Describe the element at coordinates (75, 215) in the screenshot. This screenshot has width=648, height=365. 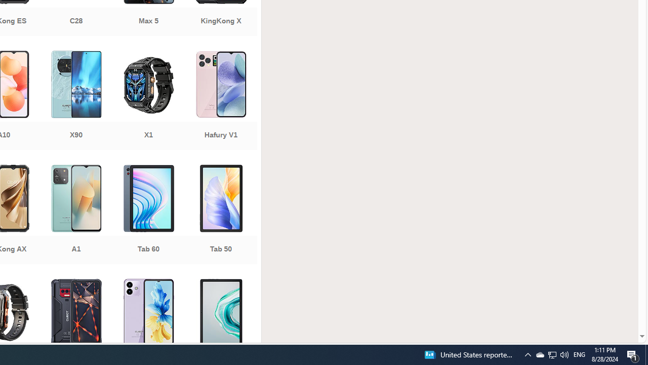
I see `'A1'` at that location.